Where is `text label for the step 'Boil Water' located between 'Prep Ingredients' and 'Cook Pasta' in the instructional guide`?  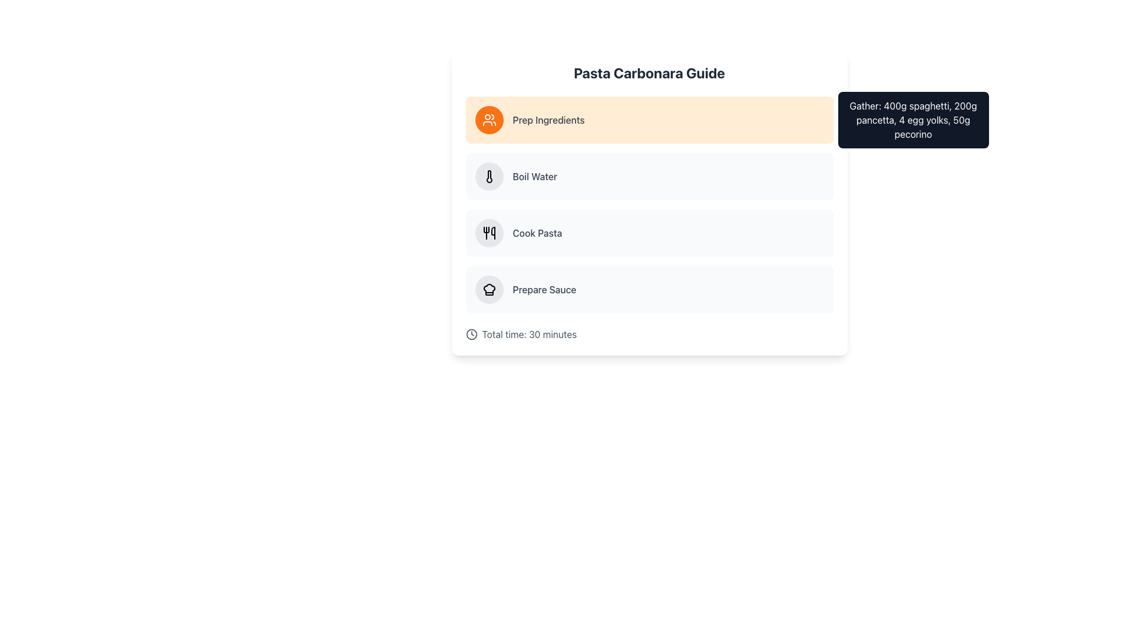
text label for the step 'Boil Water' located between 'Prep Ingredients' and 'Cook Pasta' in the instructional guide is located at coordinates (534, 177).